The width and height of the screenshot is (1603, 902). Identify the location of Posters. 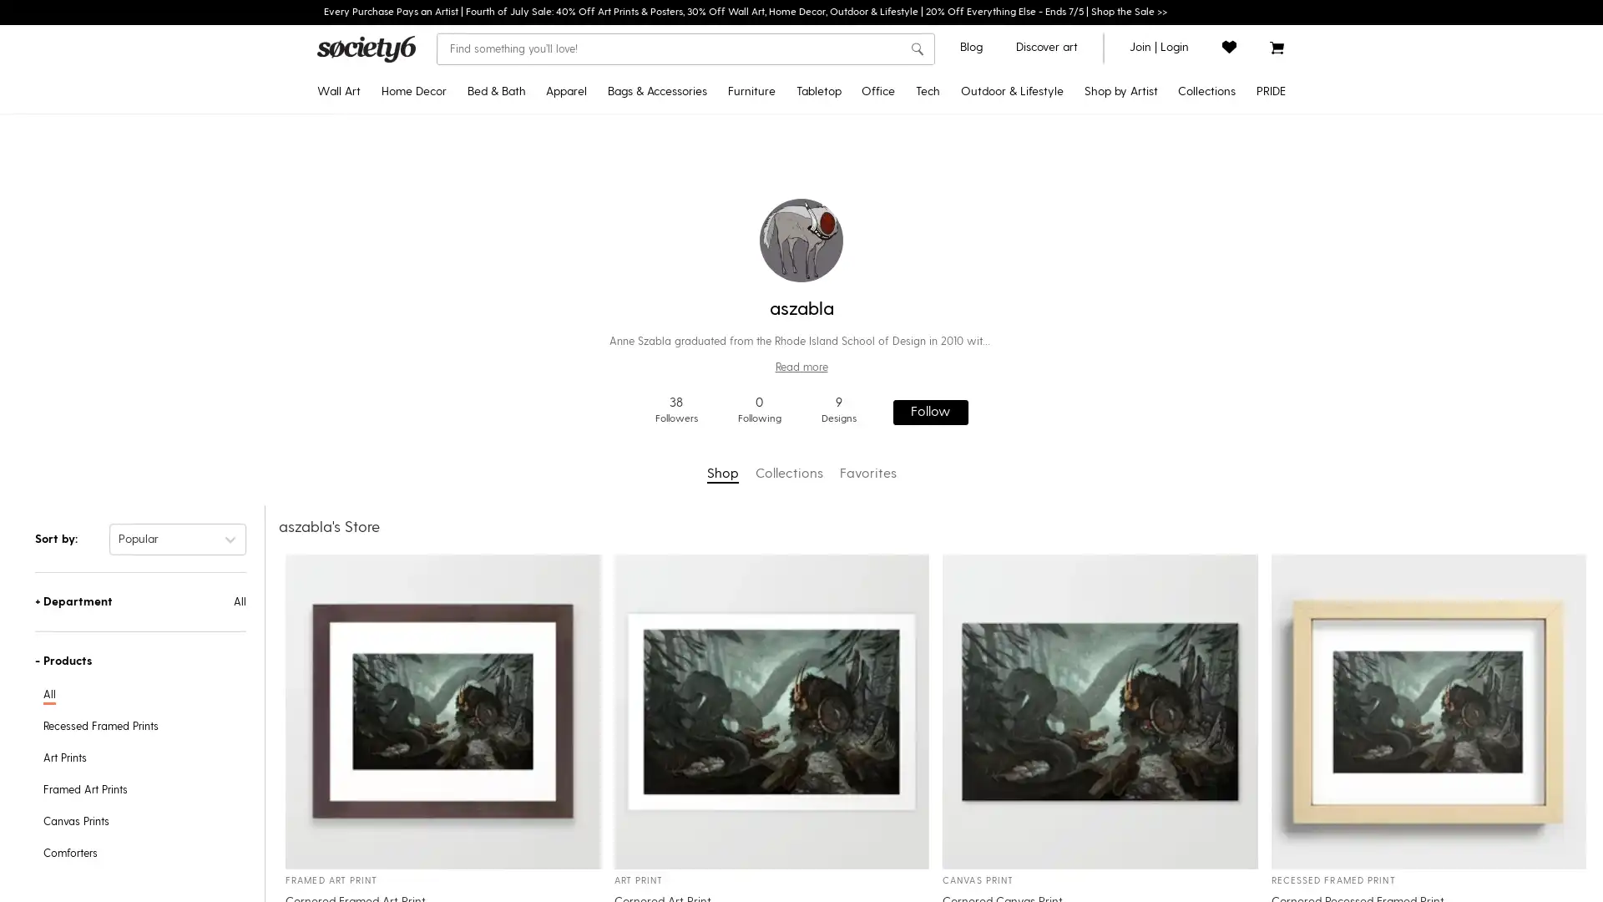
(392, 295).